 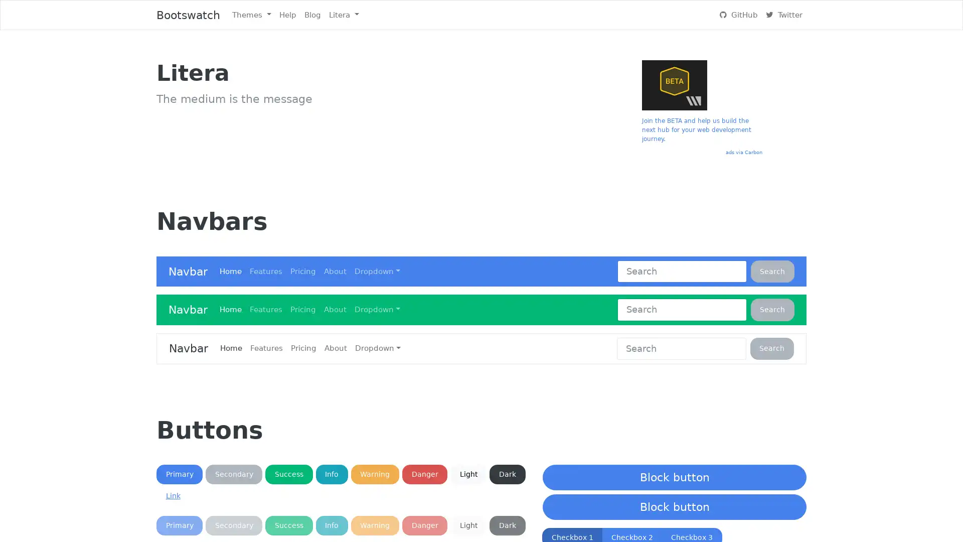 I want to click on Light, so click(x=468, y=525).